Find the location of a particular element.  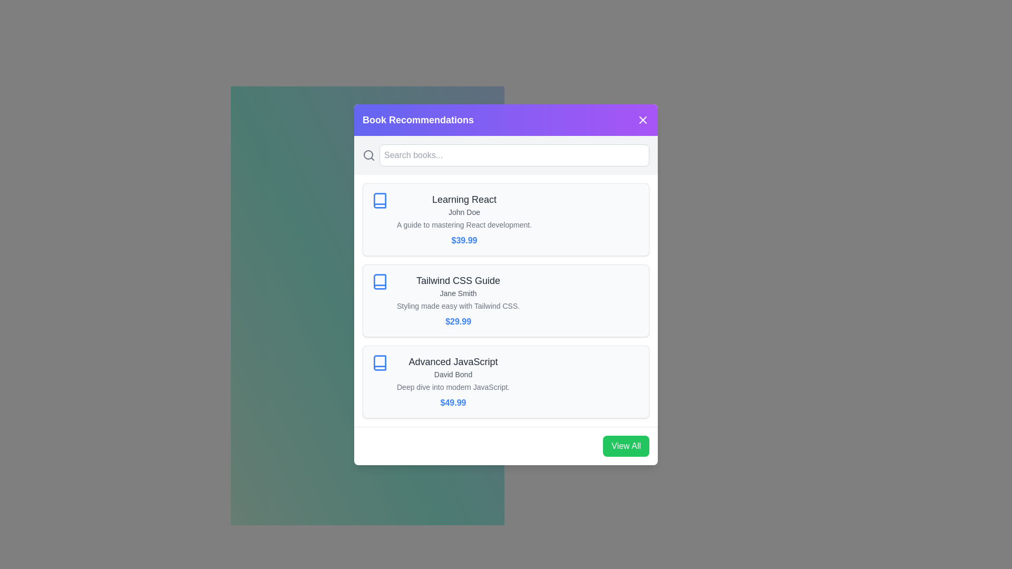

the title text label of the book in the first recommendation card under 'Book Recommendations' is located at coordinates (464, 199).